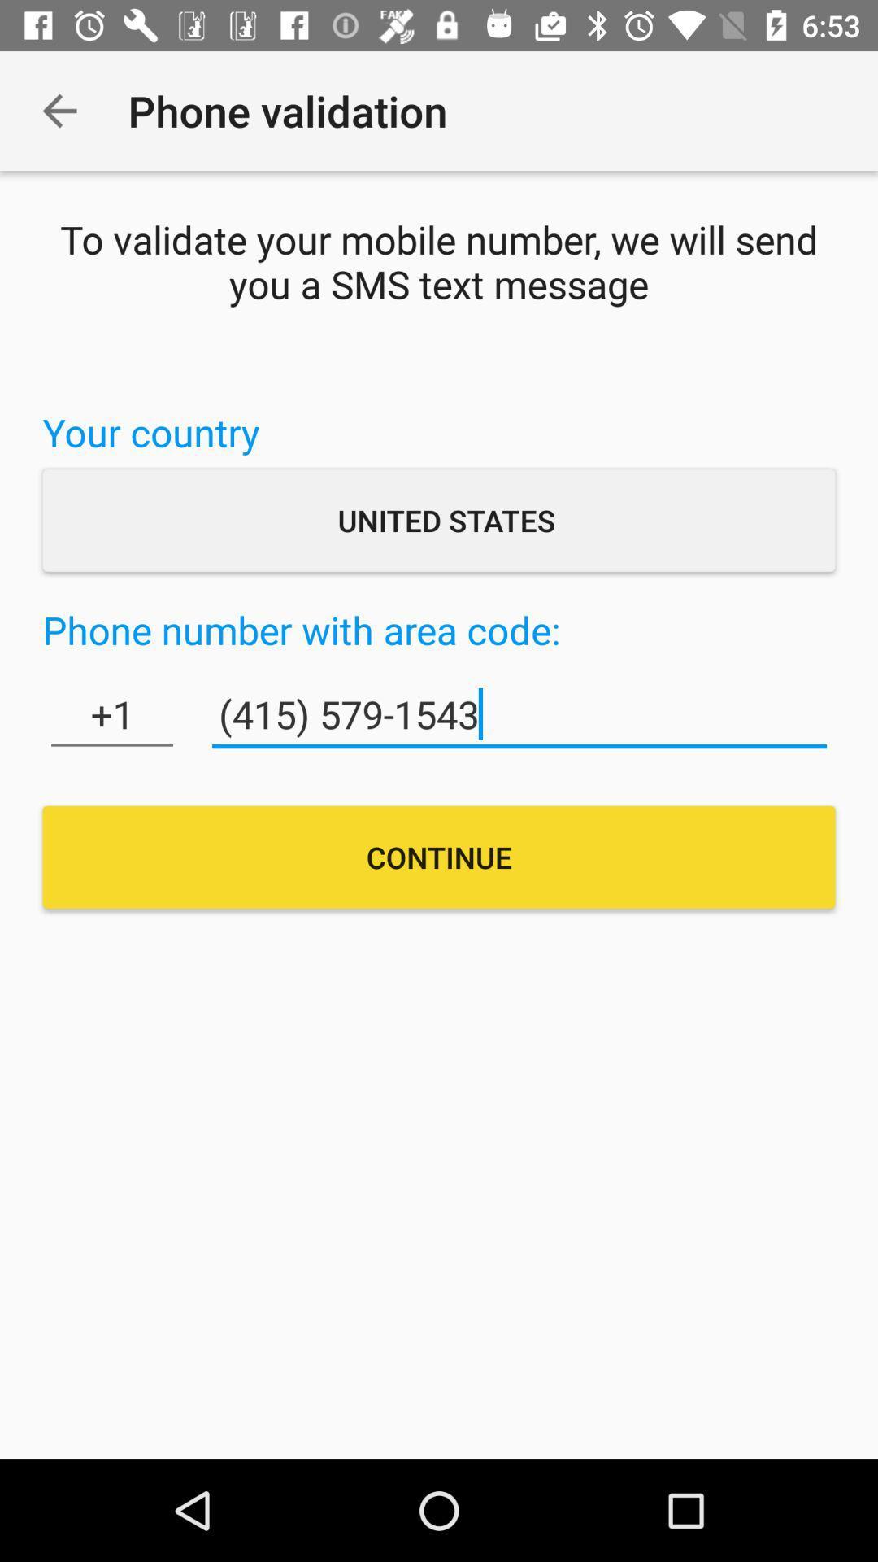 The image size is (878, 1562). I want to click on the item above the continue icon, so click(111, 714).